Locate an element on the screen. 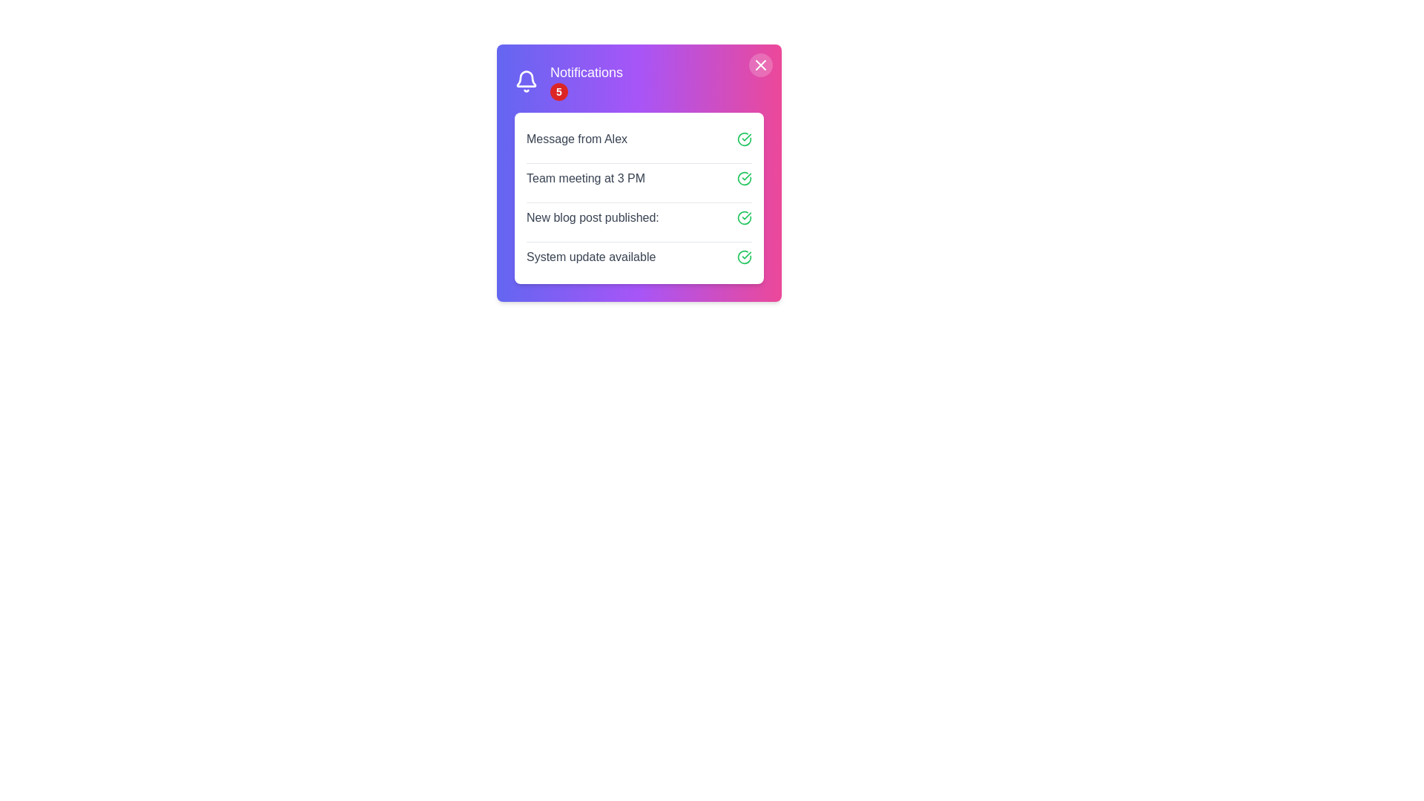  the text label displaying 'Message from Alex' in the notification panel is located at coordinates (576, 139).